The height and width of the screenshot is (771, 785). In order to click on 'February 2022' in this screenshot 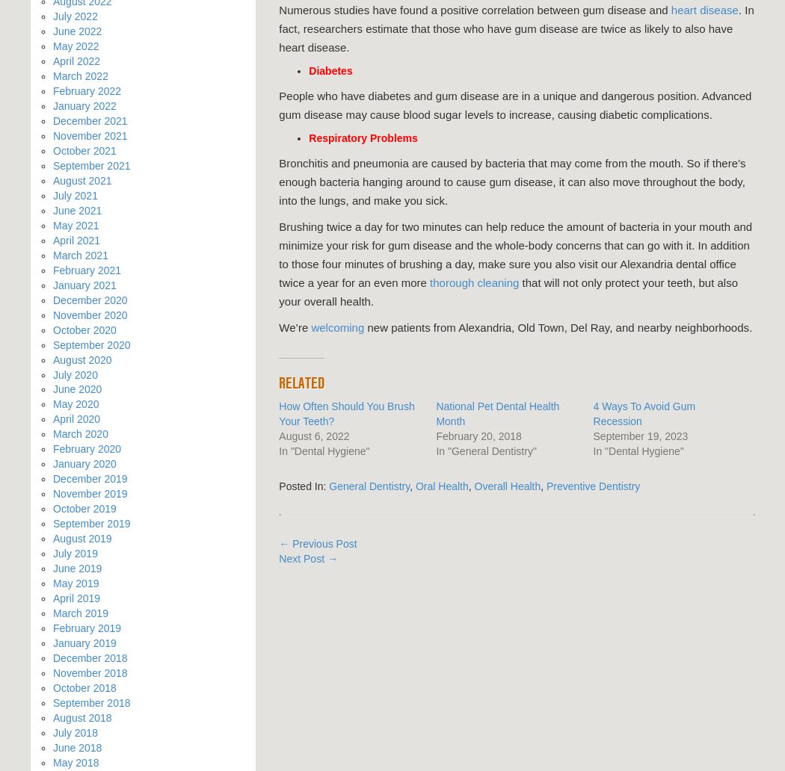, I will do `click(86, 90)`.